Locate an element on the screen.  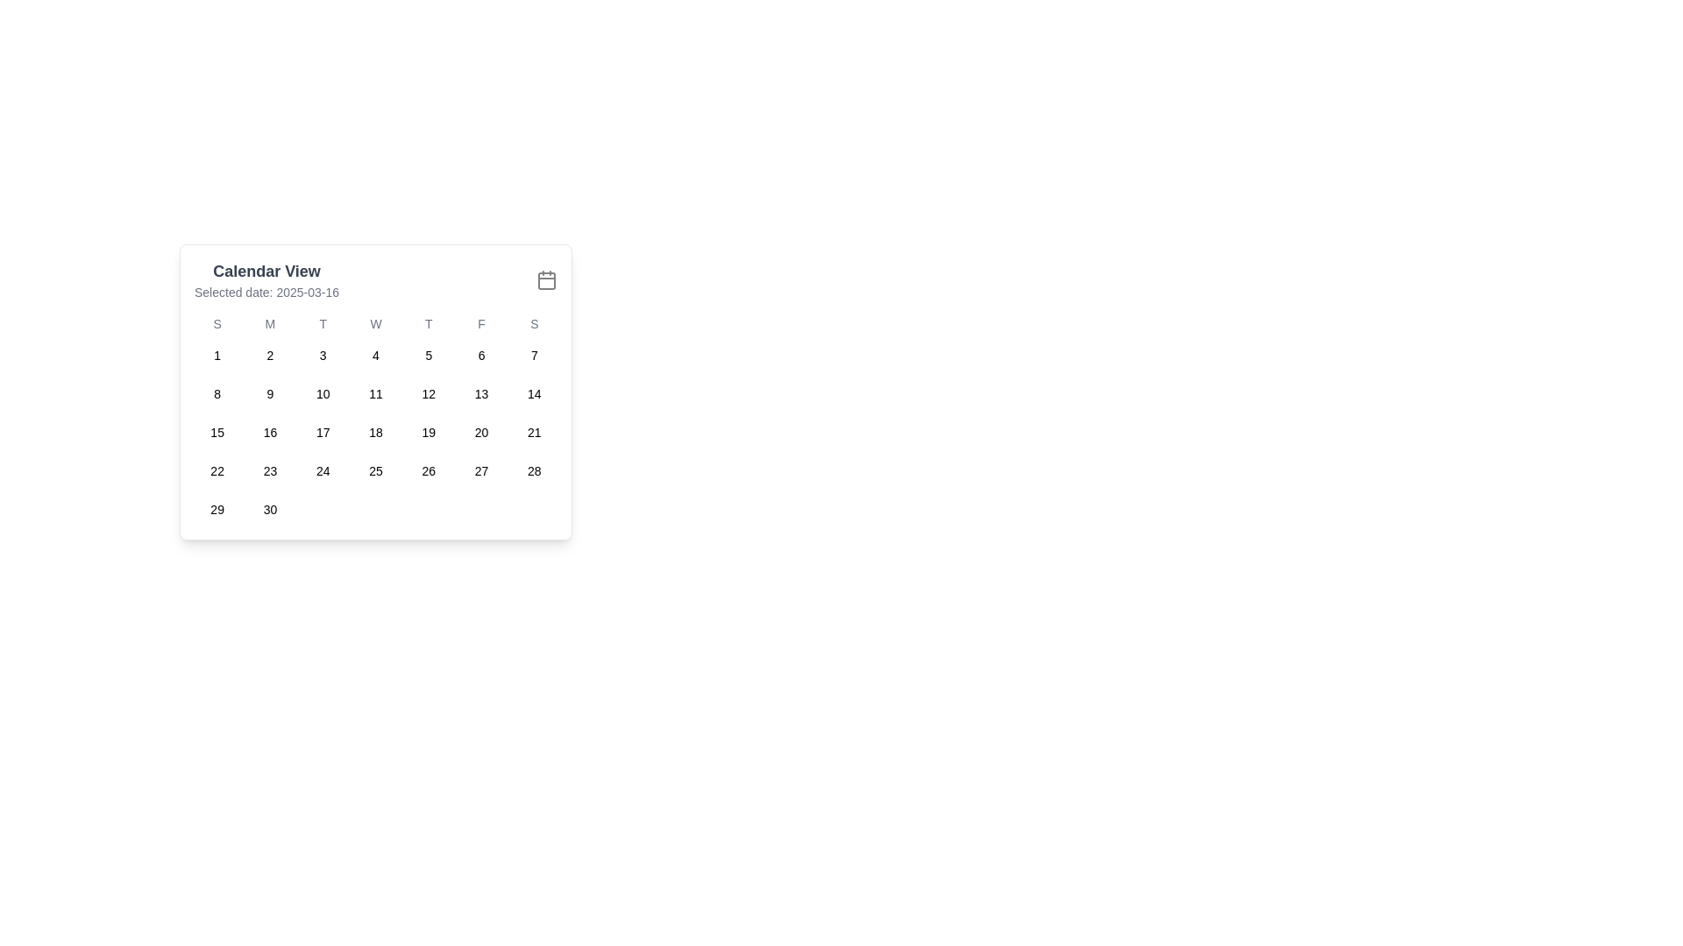
the text label representing Sunday in the calendar header row is located at coordinates (533, 324).